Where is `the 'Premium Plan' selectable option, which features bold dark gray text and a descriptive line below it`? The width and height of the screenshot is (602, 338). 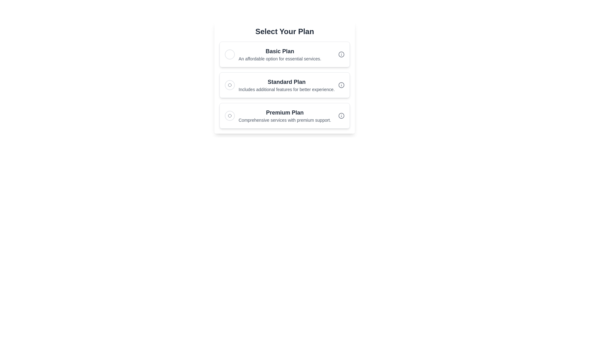
the 'Premium Plan' selectable option, which features bold dark gray text and a descriptive line below it is located at coordinates (284, 116).